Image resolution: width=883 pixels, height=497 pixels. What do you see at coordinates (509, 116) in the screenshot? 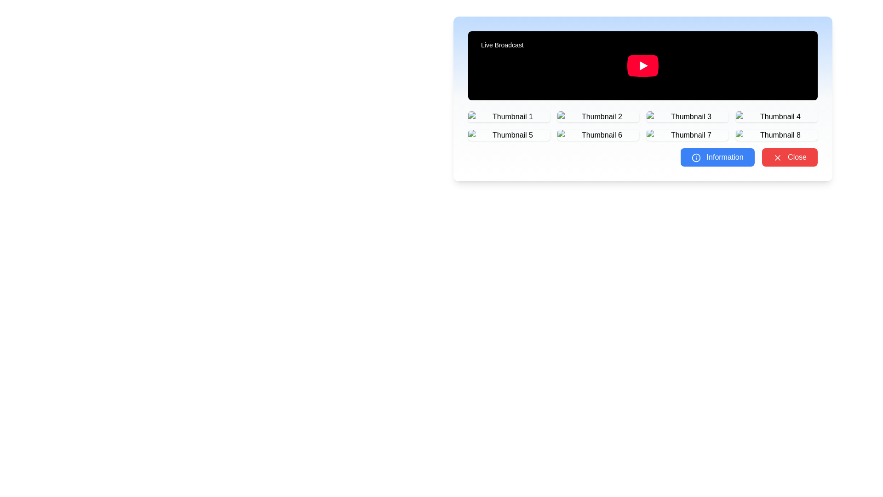
I see `the 'Thumbnail 1' button, which is the first item in the grid under 'Live Broadcast'` at bounding box center [509, 116].